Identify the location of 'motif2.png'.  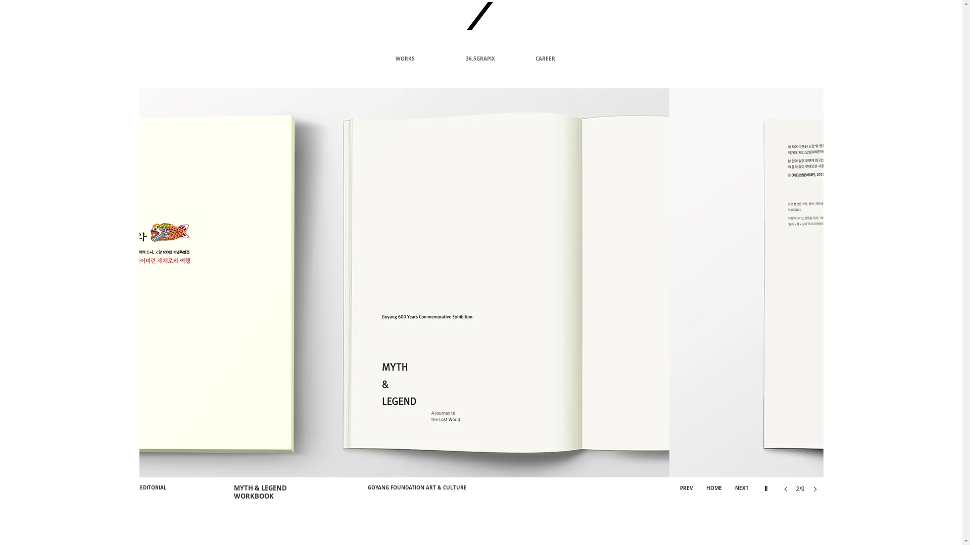
(461, 16).